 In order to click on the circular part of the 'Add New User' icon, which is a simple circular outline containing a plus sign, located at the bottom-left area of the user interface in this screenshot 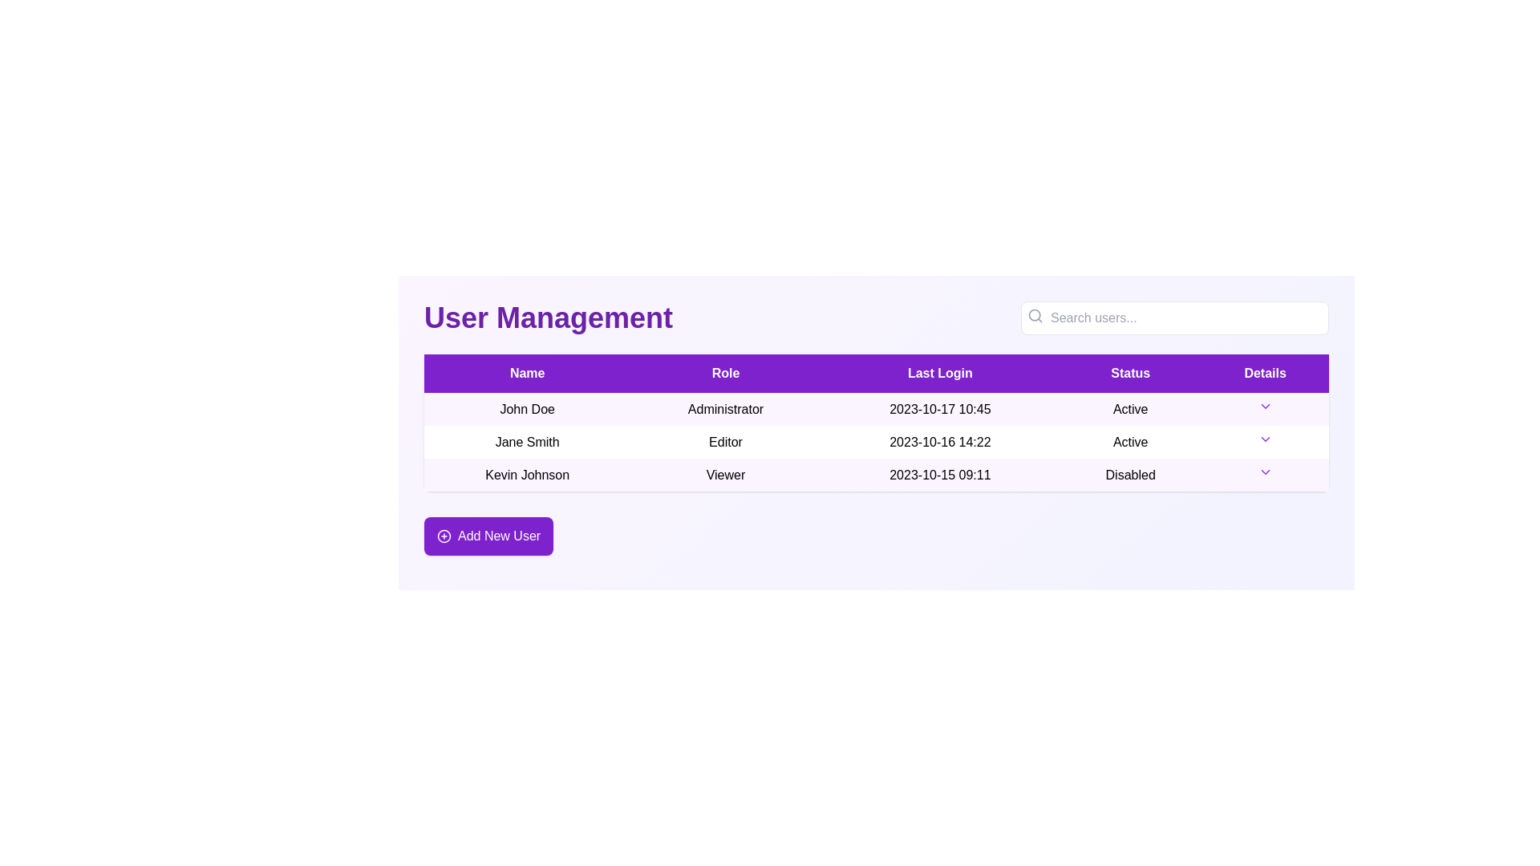, I will do `click(444, 536)`.